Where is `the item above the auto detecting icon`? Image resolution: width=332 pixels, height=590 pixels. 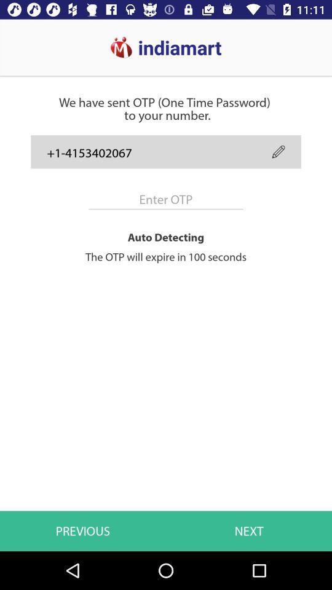
the item above the auto detecting icon is located at coordinates (279, 151).